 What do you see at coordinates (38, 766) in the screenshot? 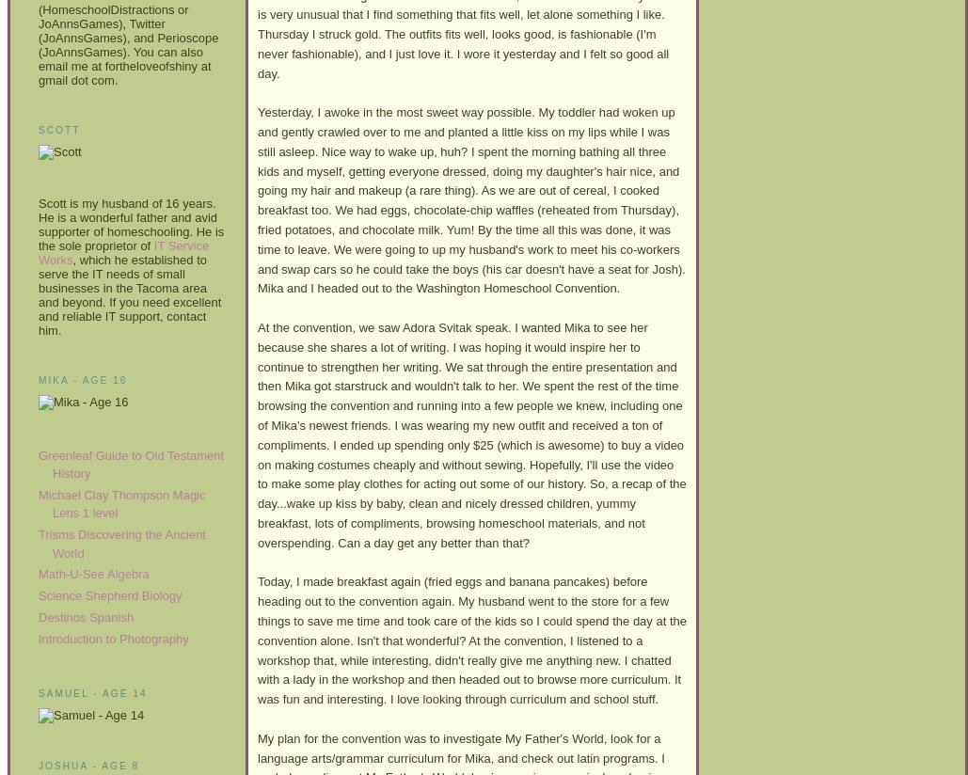
I see `'Joshua - Age 8'` at bounding box center [38, 766].